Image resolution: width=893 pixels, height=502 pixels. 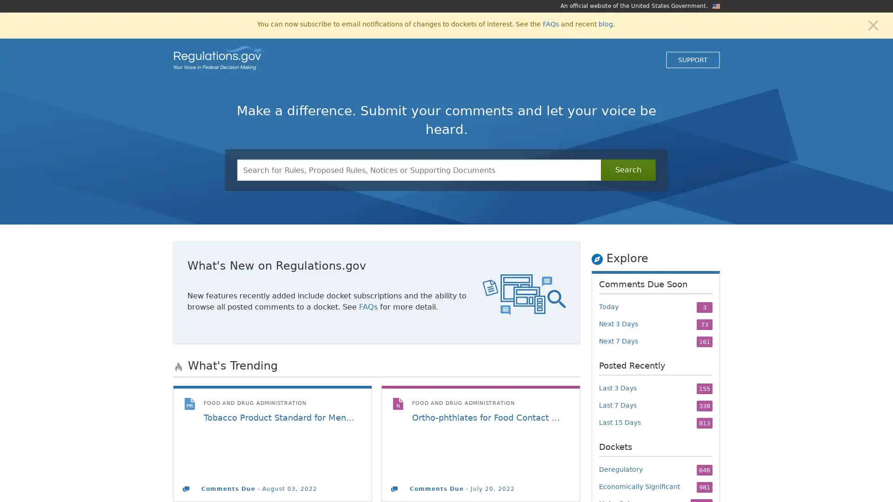 I want to click on Search, so click(x=628, y=170).